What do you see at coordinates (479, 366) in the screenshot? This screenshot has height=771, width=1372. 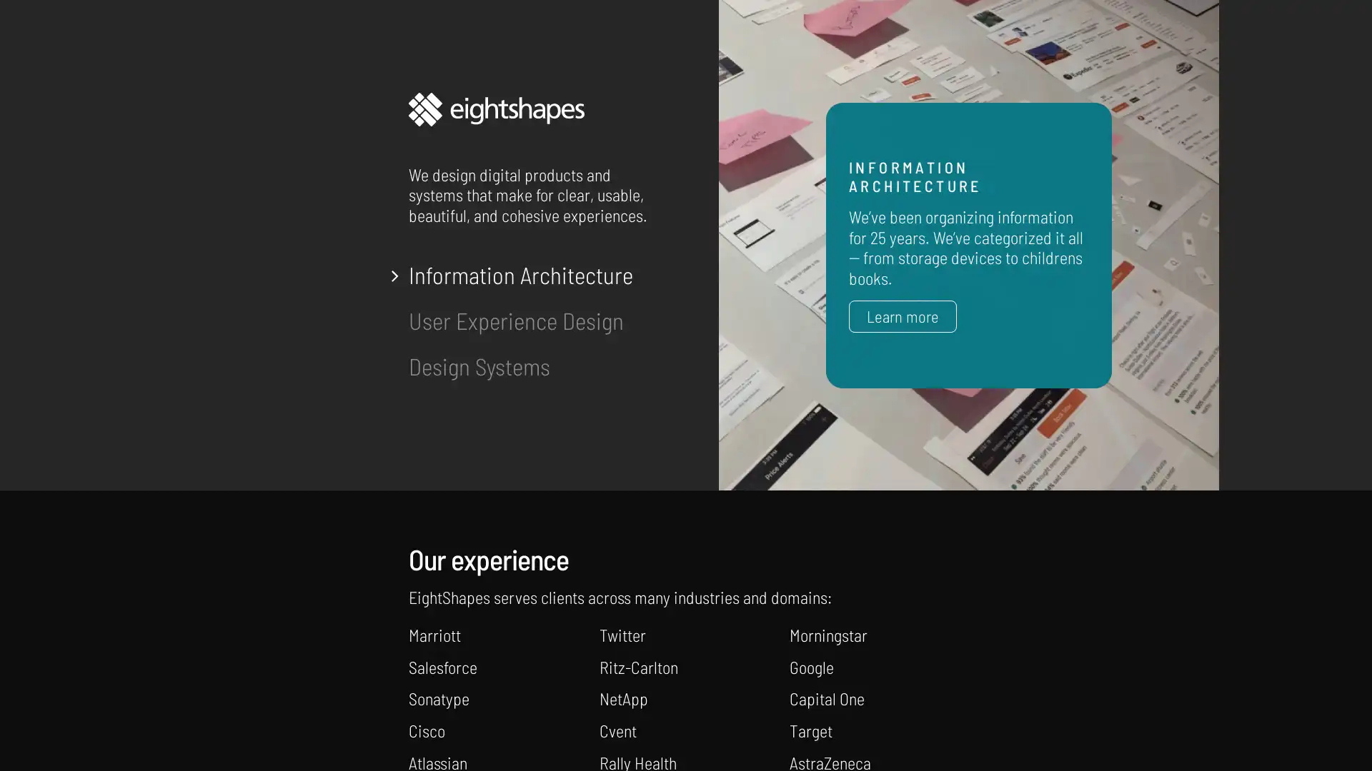 I see `Design Systems` at bounding box center [479, 366].